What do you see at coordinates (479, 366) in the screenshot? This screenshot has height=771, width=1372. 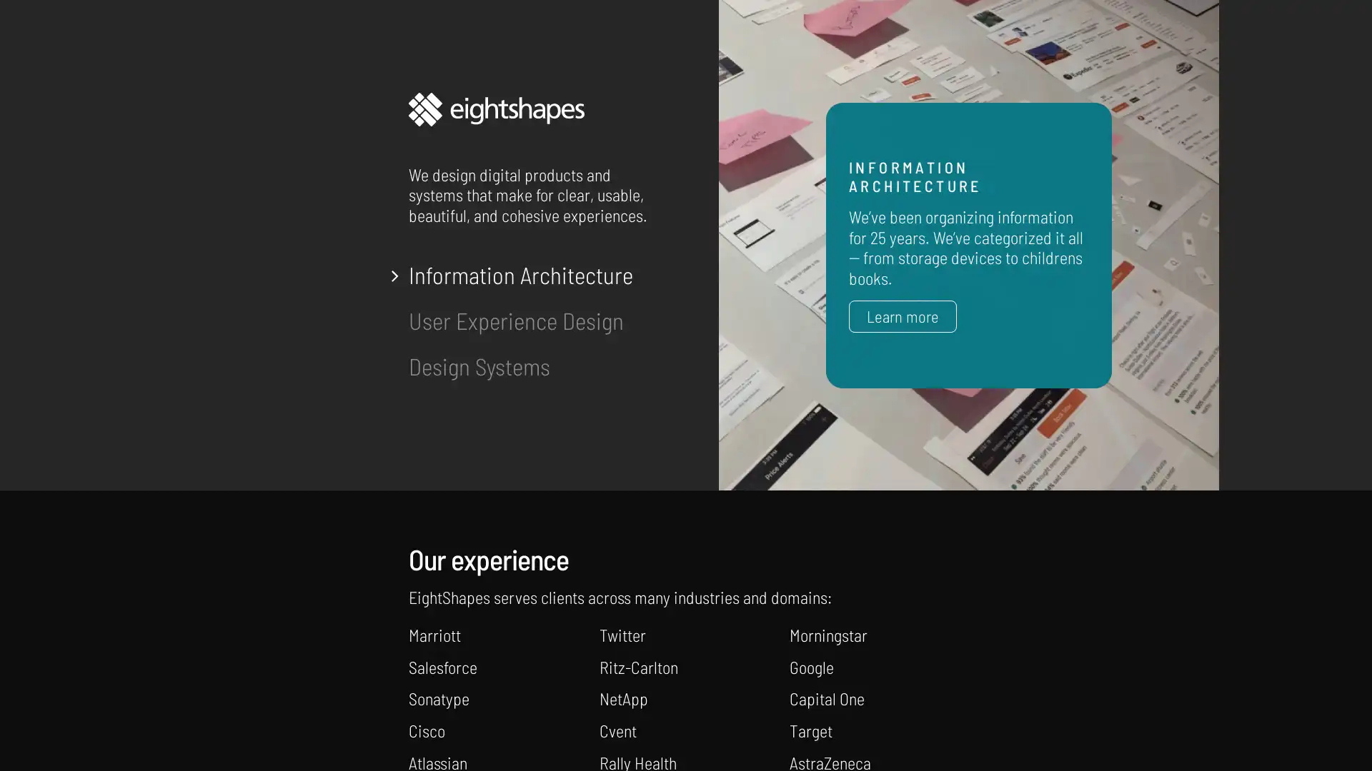 I see `Design Systems` at bounding box center [479, 366].